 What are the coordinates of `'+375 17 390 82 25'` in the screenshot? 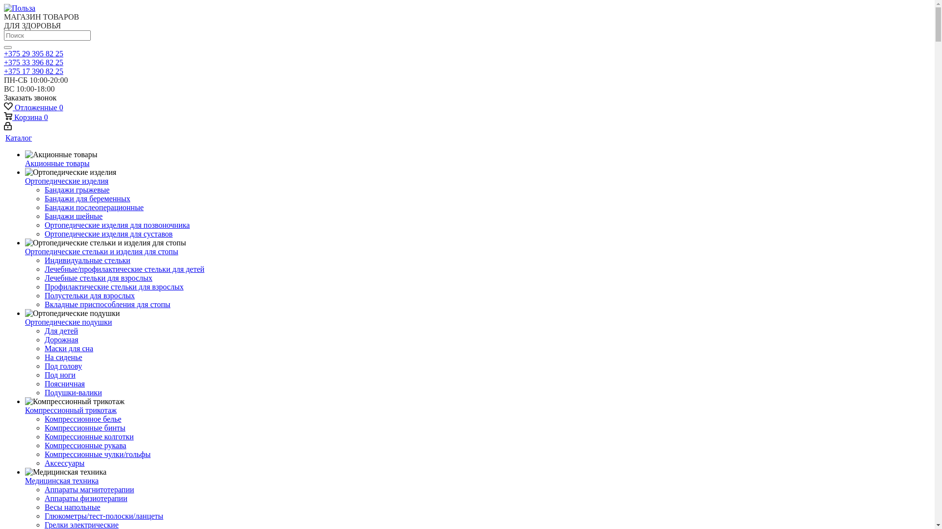 It's located at (33, 71).